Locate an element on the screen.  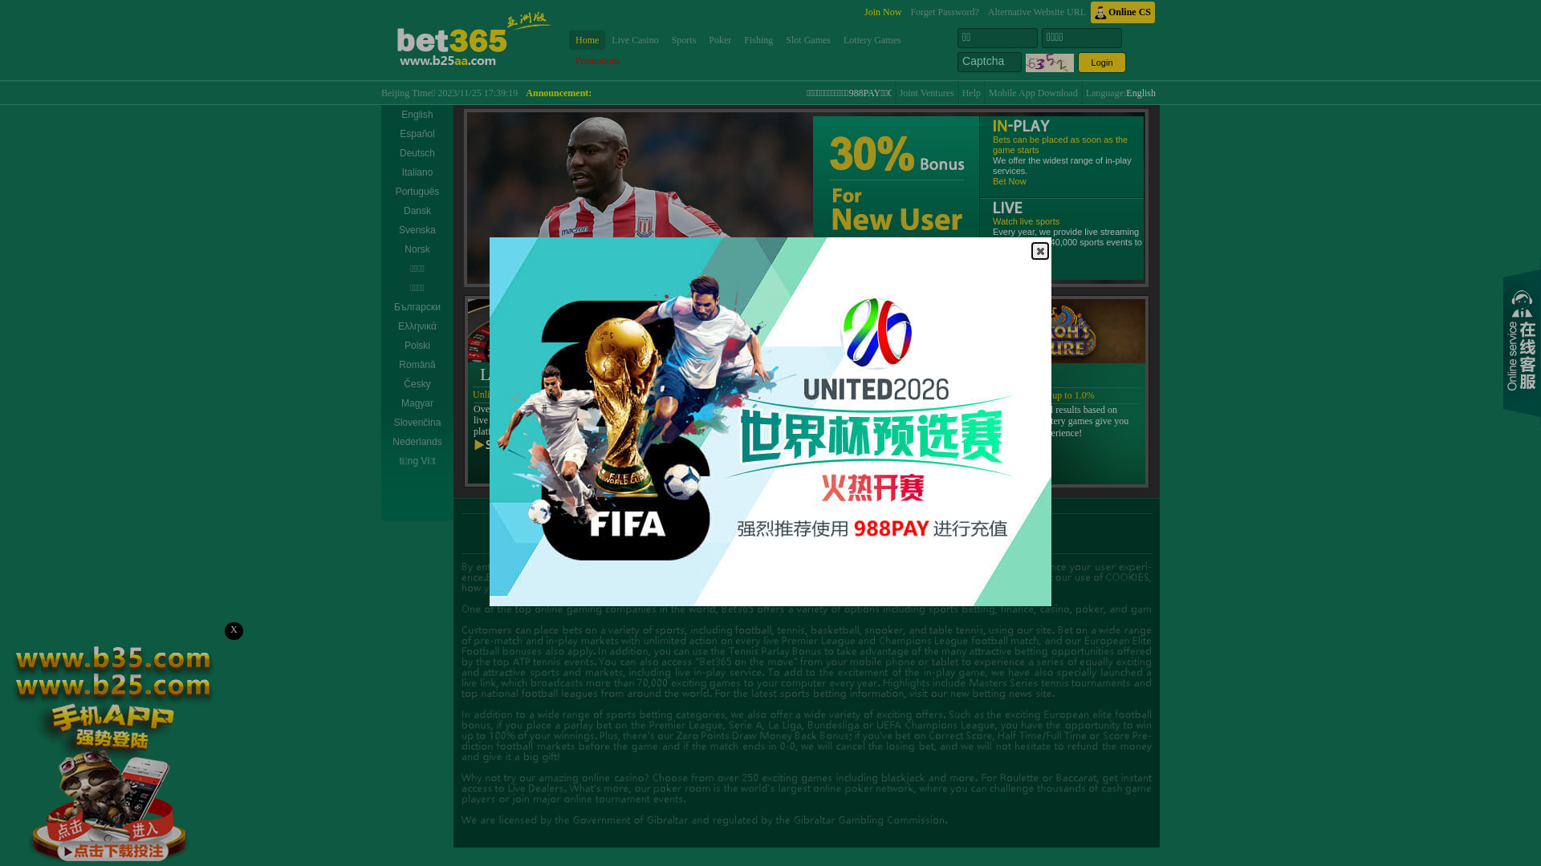
'Nederlands' is located at coordinates (380, 442).